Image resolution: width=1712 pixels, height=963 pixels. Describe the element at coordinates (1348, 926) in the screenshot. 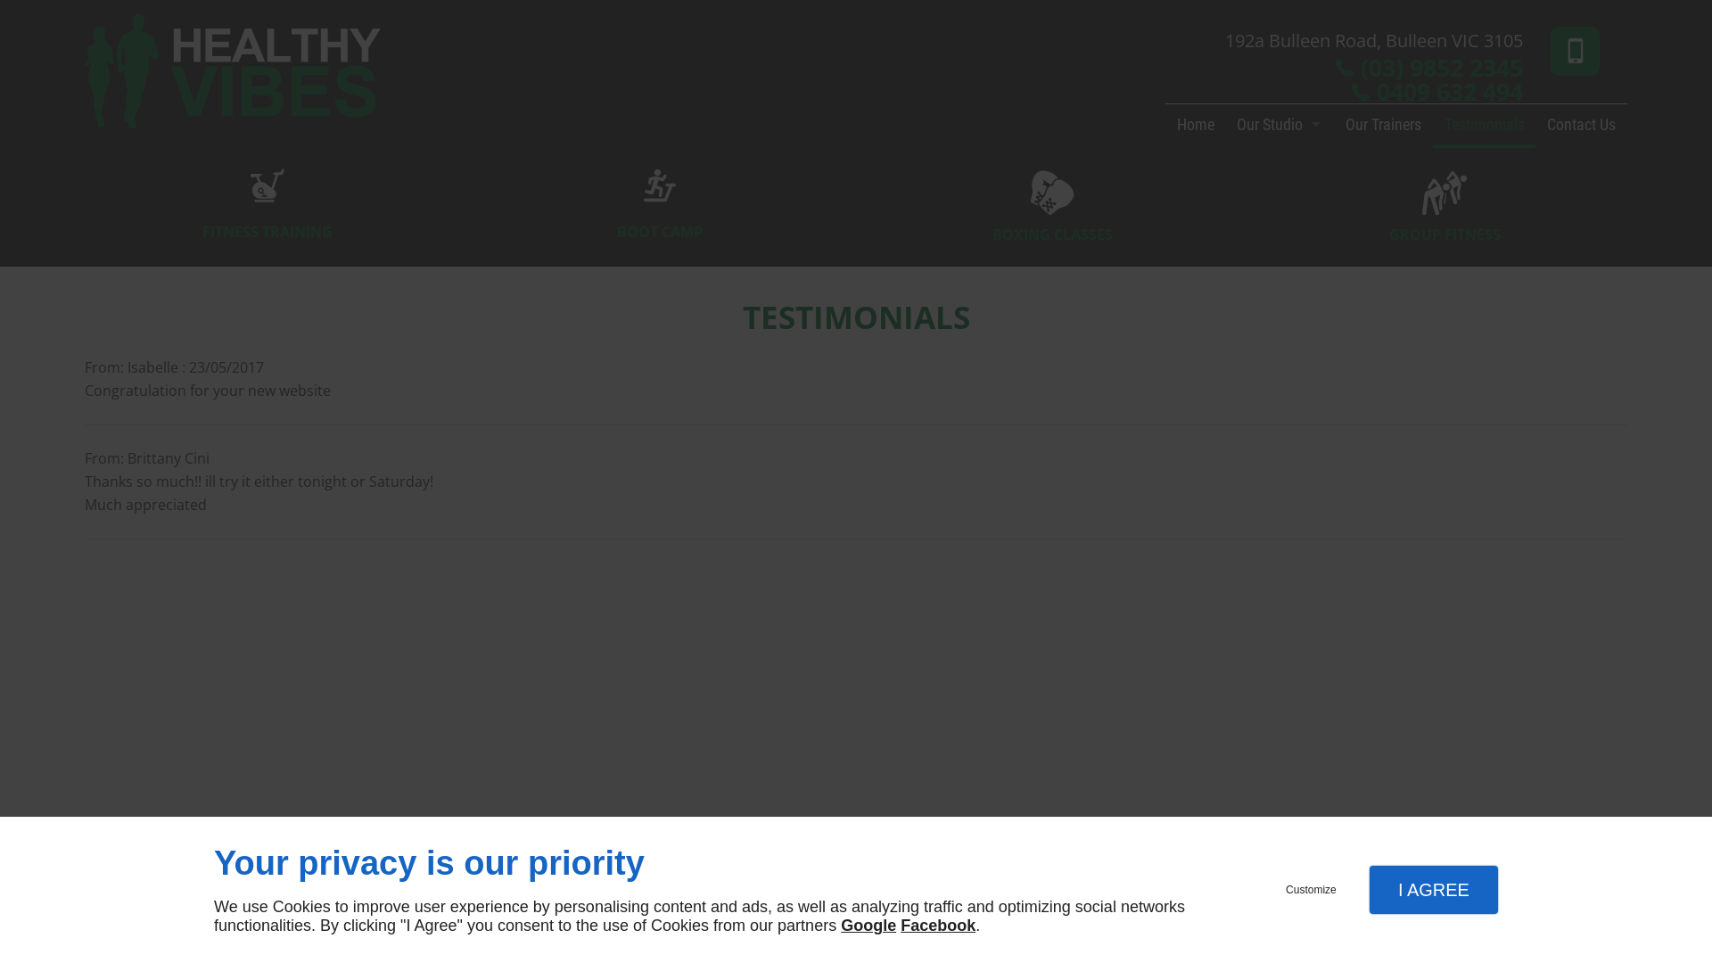

I see `'TERMS AND CONDITIONS'` at that location.